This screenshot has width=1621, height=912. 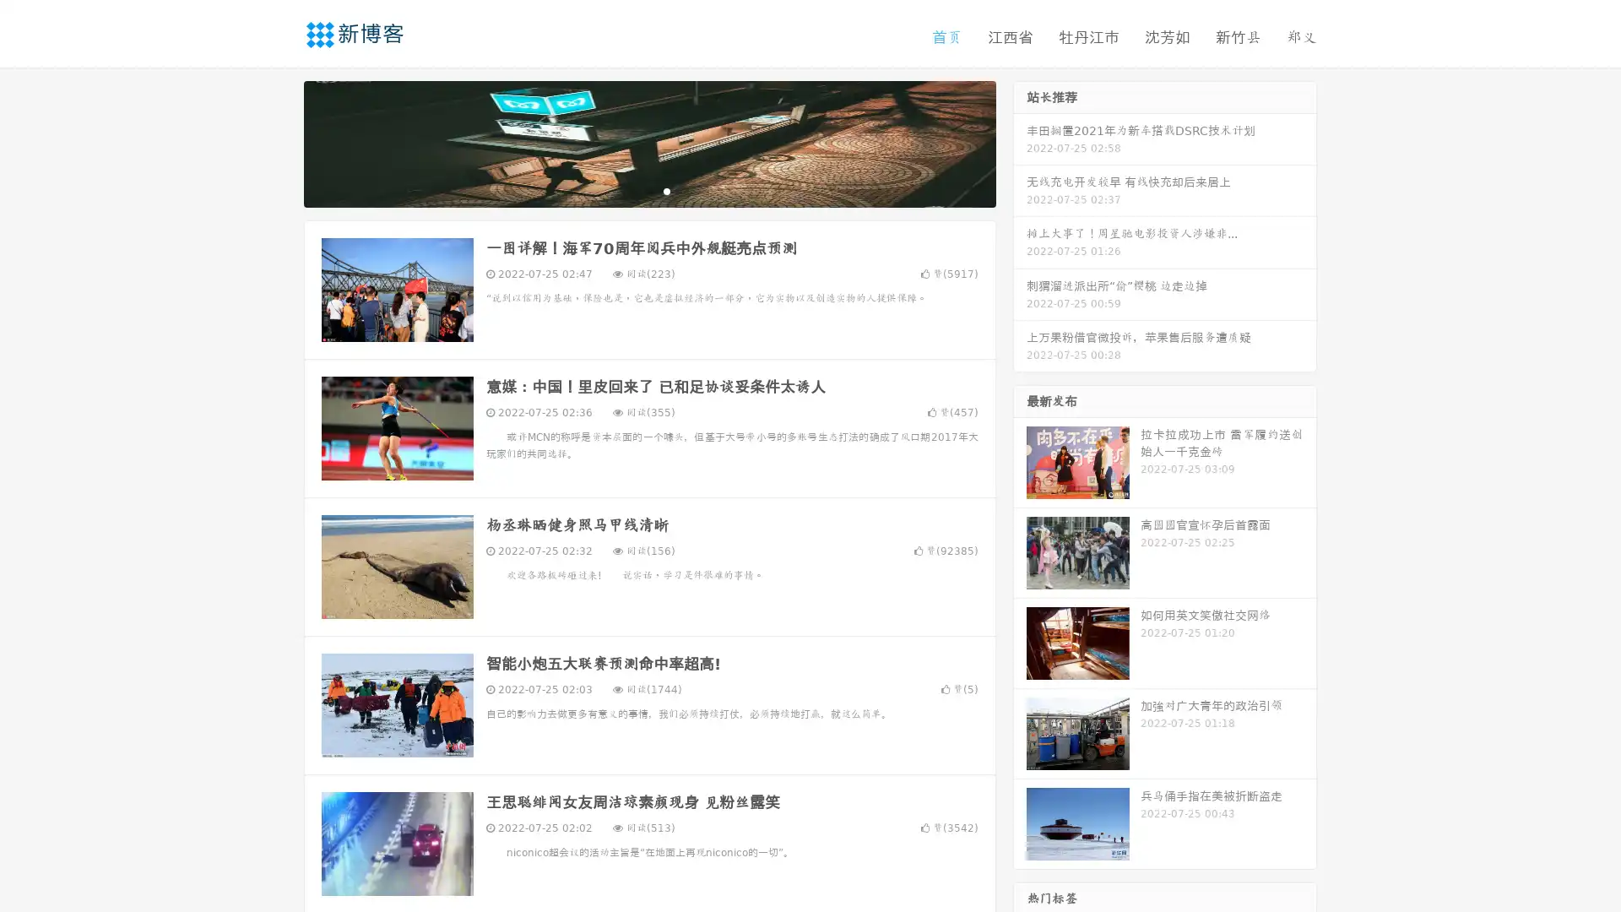 I want to click on Previous slide, so click(x=279, y=142).